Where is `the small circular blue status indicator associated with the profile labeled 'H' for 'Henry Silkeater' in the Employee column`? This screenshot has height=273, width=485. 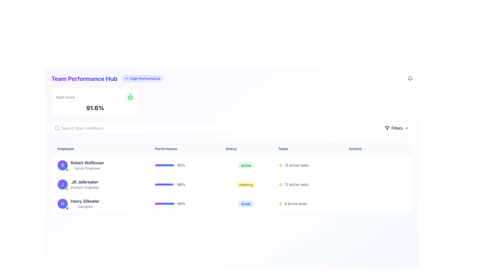
the small circular blue status indicator associated with the profile labeled 'H' for 'Henry Silkeater' in the Employee column is located at coordinates (67, 208).